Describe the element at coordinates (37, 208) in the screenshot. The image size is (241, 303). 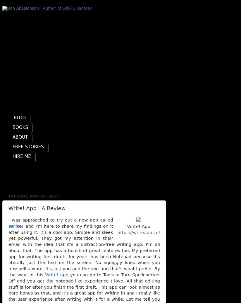
I see `'Write! App | A Review'` at that location.